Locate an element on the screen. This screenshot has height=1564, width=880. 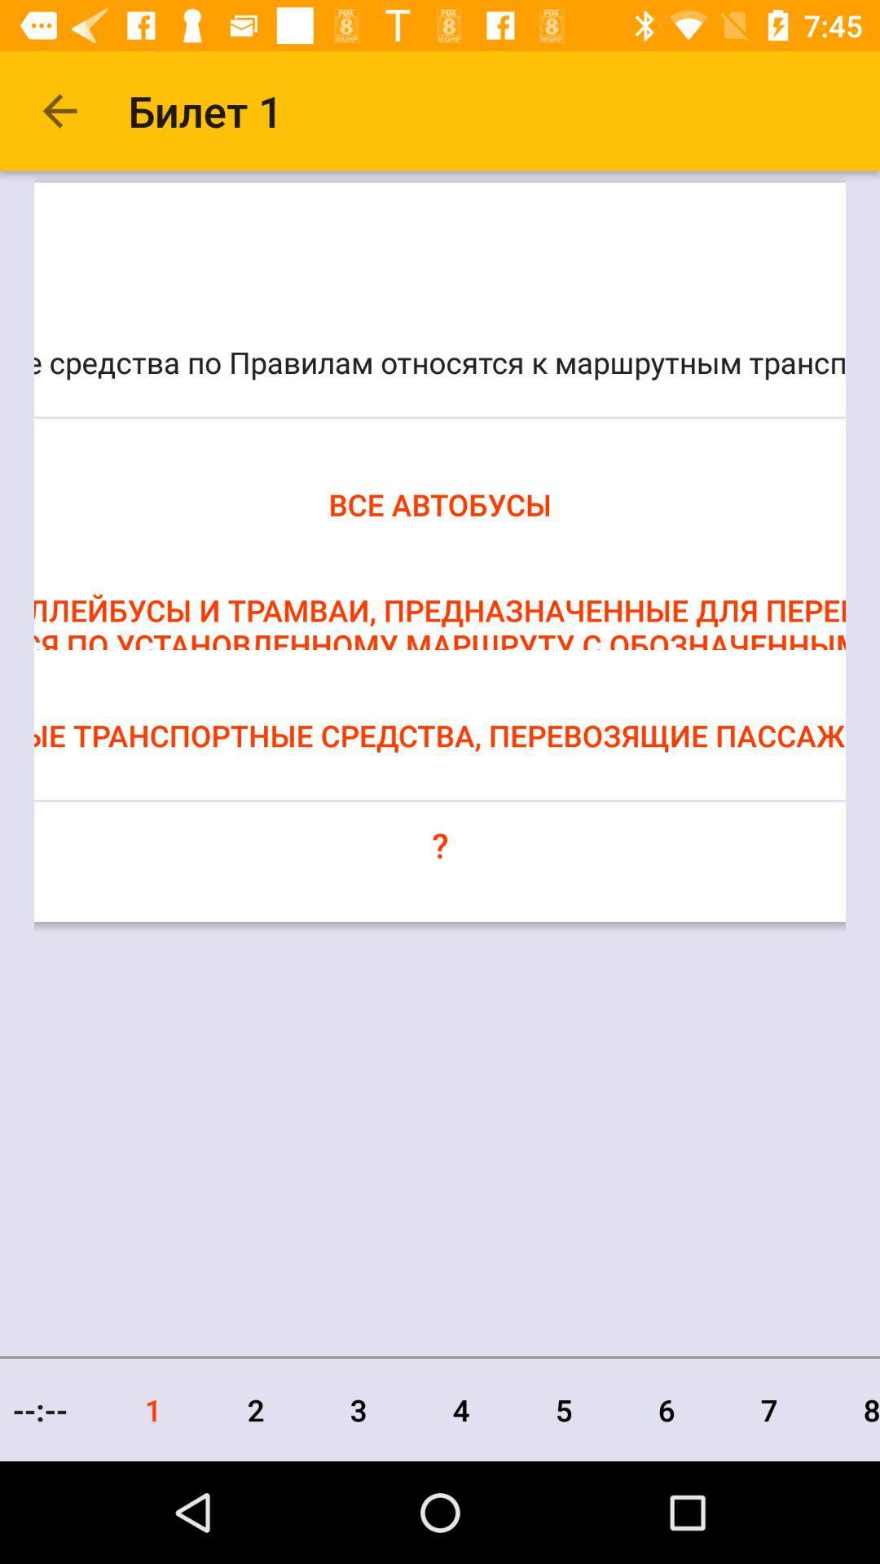
6 icon is located at coordinates (667, 1409).